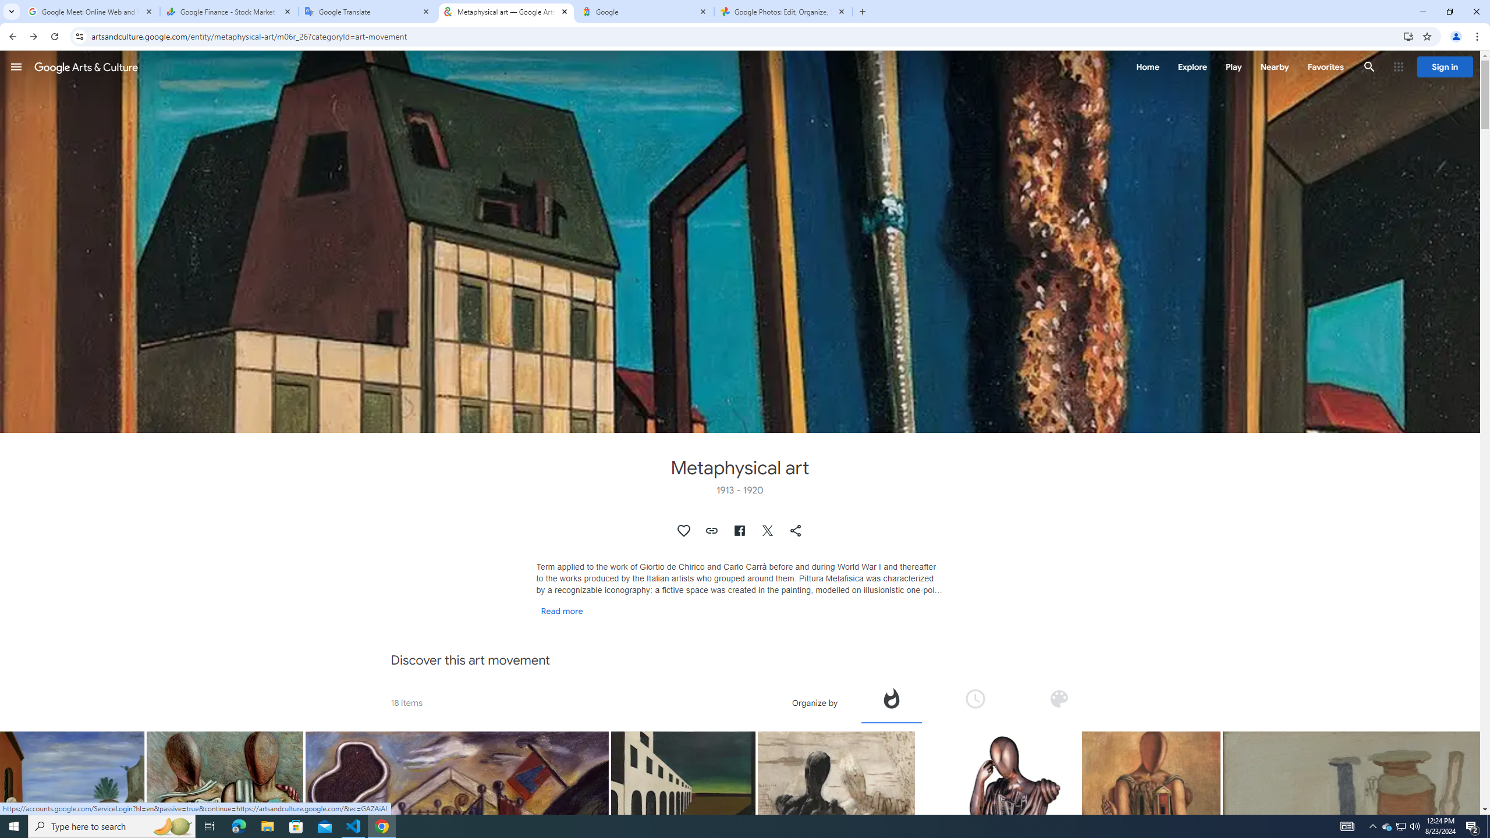 This screenshot has width=1490, height=838. What do you see at coordinates (1325, 66) in the screenshot?
I see `'Favorites'` at bounding box center [1325, 66].